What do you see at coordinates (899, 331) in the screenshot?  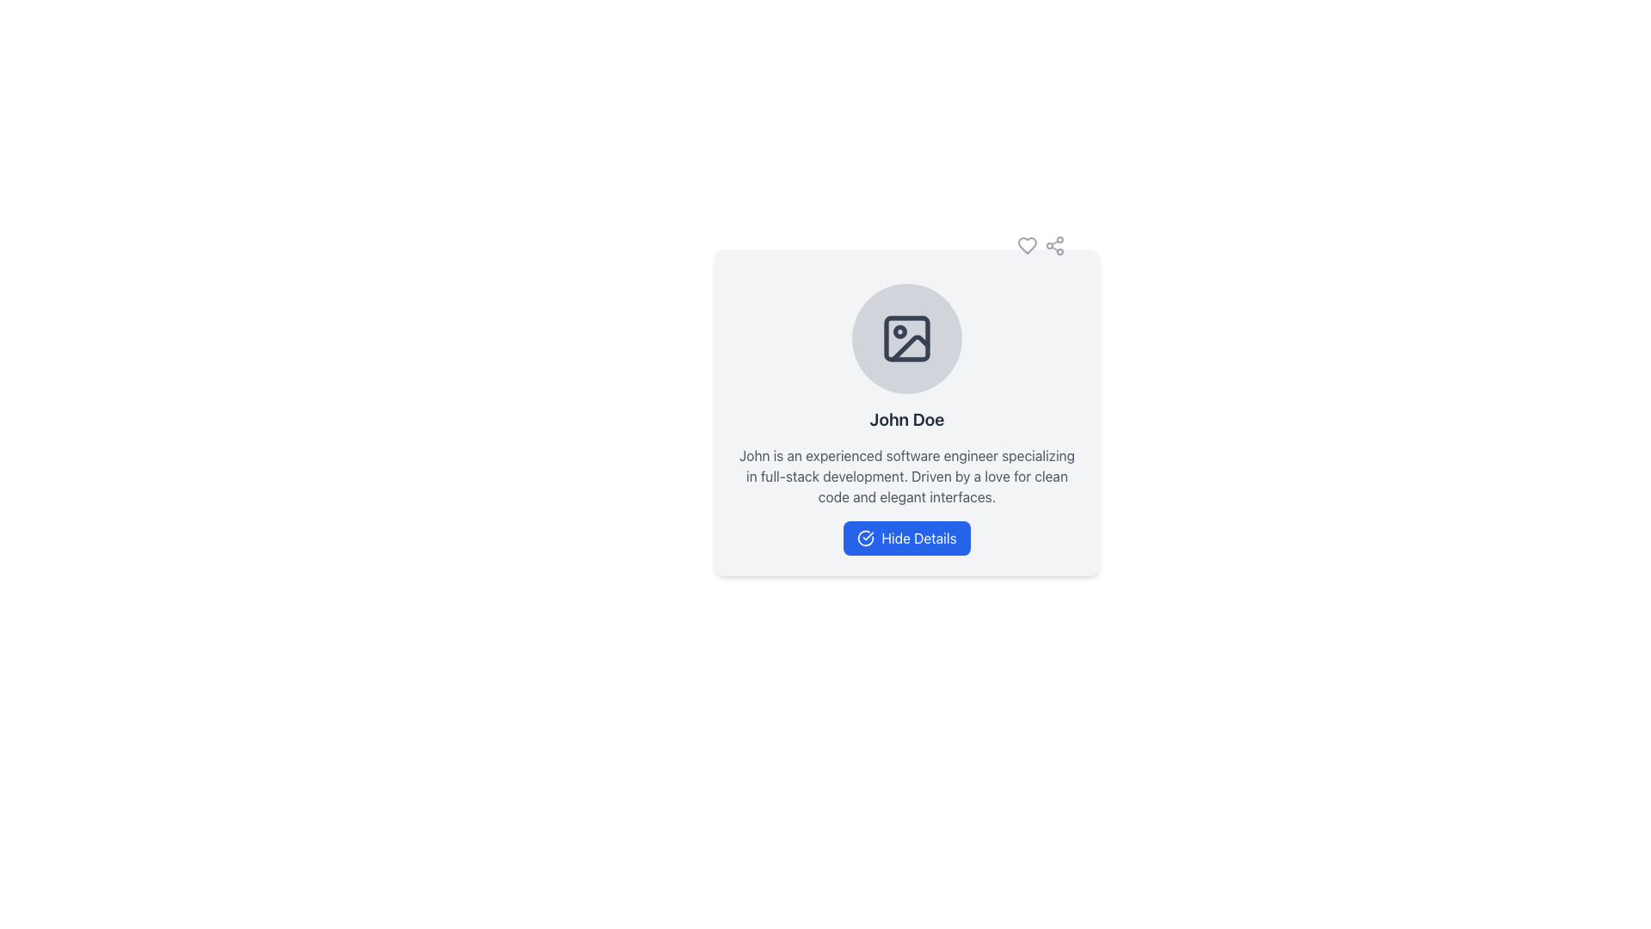 I see `the decorative circular element within the picture icon that is centered above the name 'John Doe' in the main card` at bounding box center [899, 331].